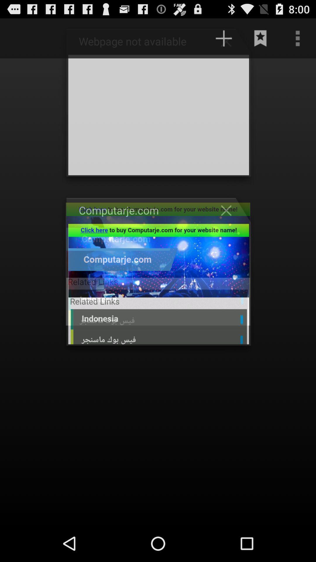 The width and height of the screenshot is (316, 562). What do you see at coordinates (260, 41) in the screenshot?
I see `the bookmark icon` at bounding box center [260, 41].